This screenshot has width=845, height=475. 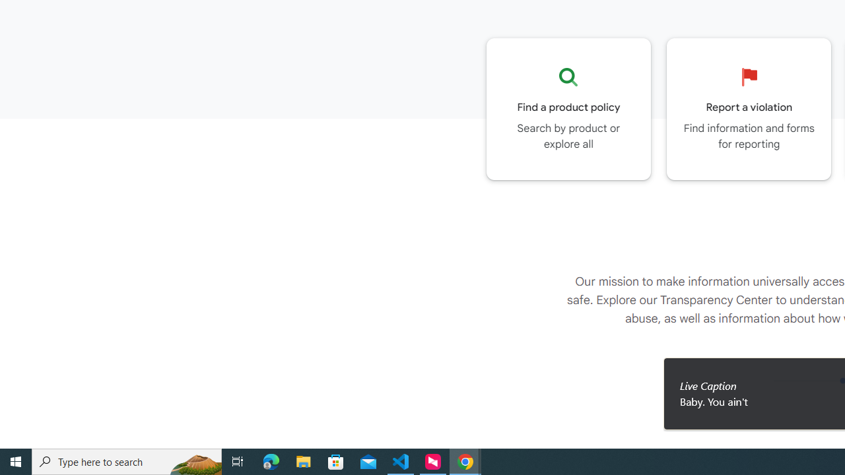 What do you see at coordinates (749, 108) in the screenshot?
I see `'Go to the Reporting and appeals page'` at bounding box center [749, 108].